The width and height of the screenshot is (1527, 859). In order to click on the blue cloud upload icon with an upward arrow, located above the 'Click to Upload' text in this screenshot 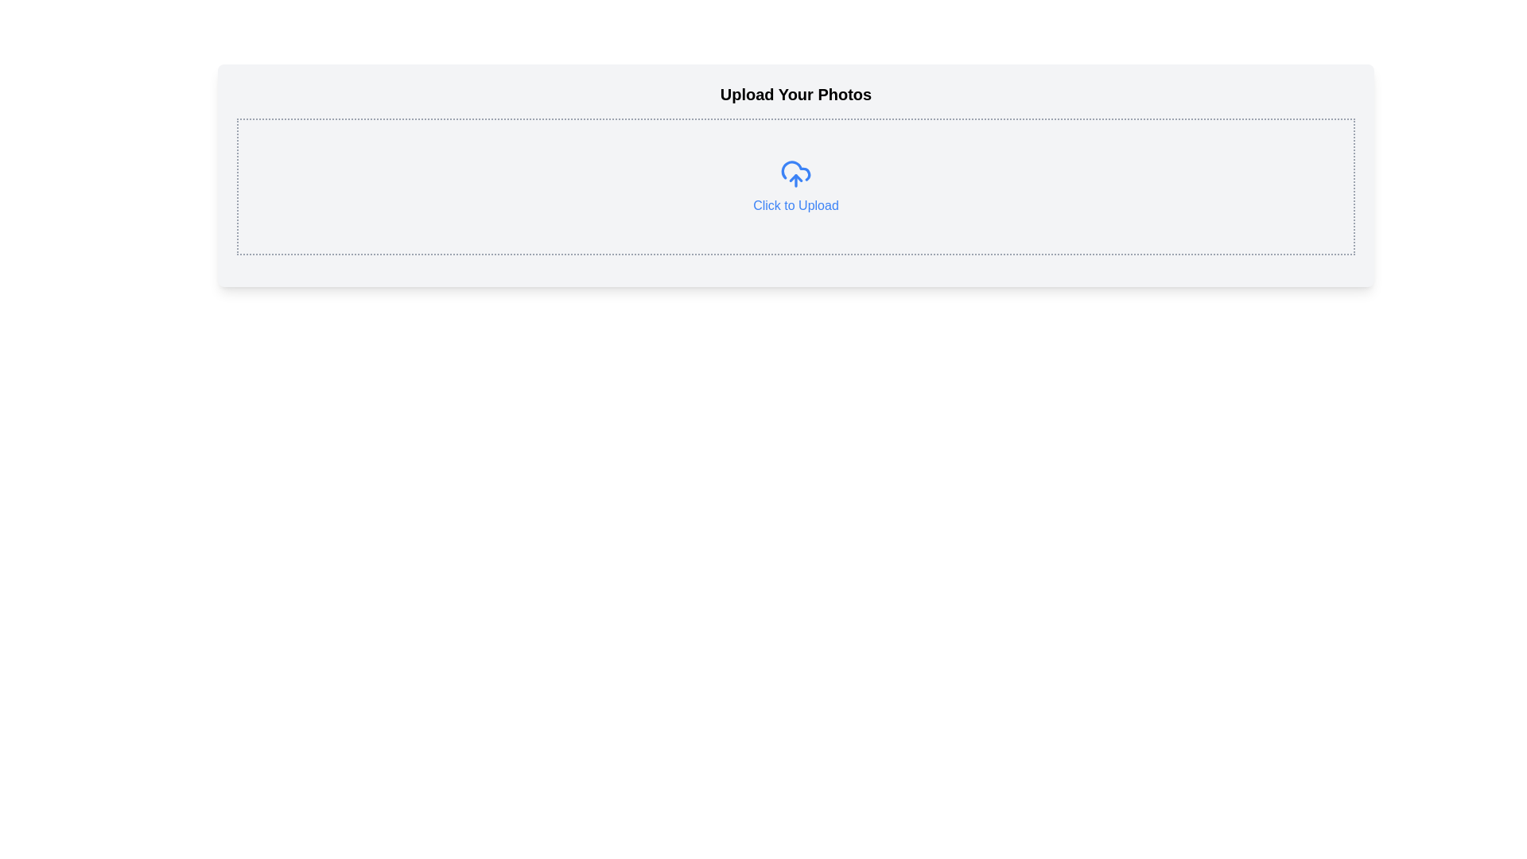, I will do `click(795, 174)`.